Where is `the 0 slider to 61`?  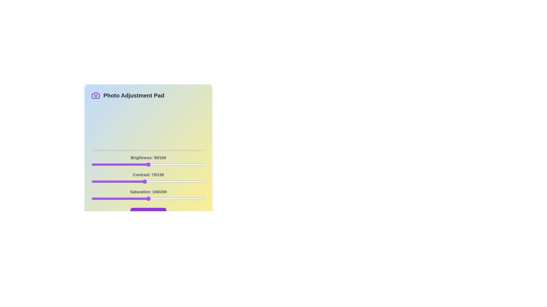
the 0 slider to 61 is located at coordinates (161, 164).